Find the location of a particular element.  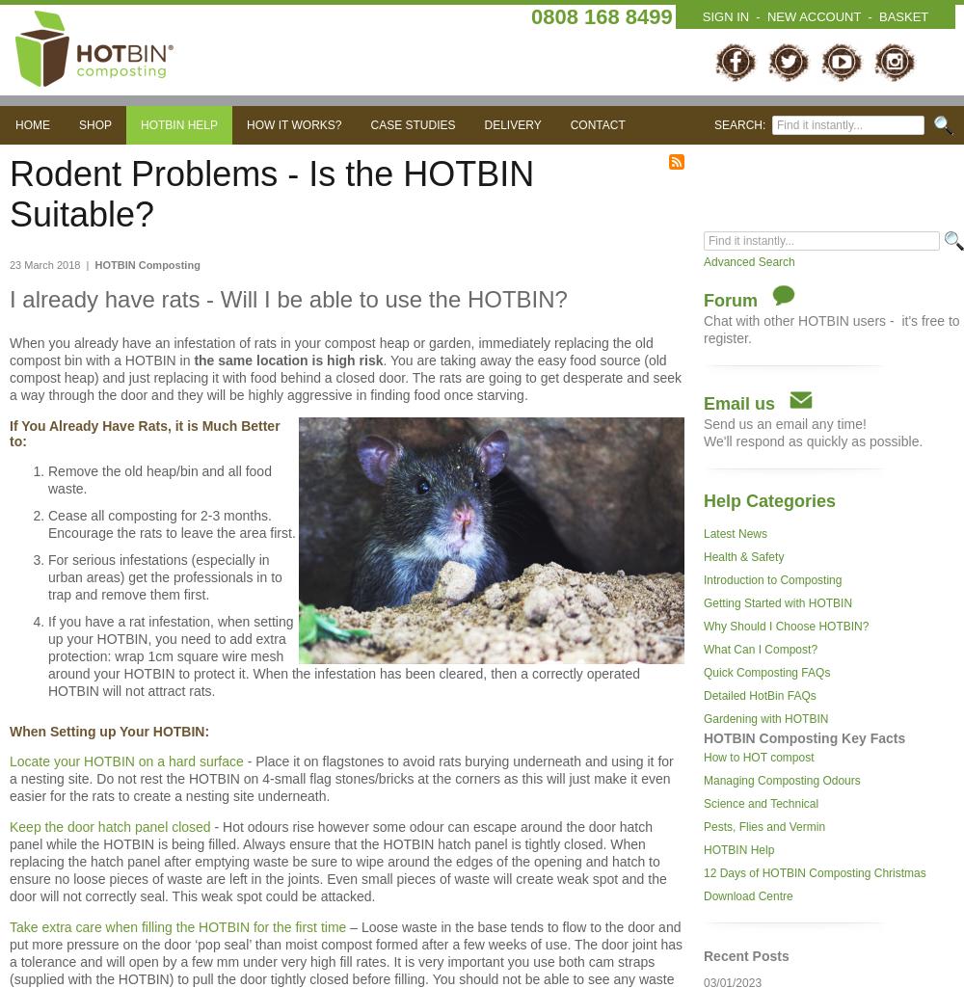

'SEARCH:' is located at coordinates (742, 124).